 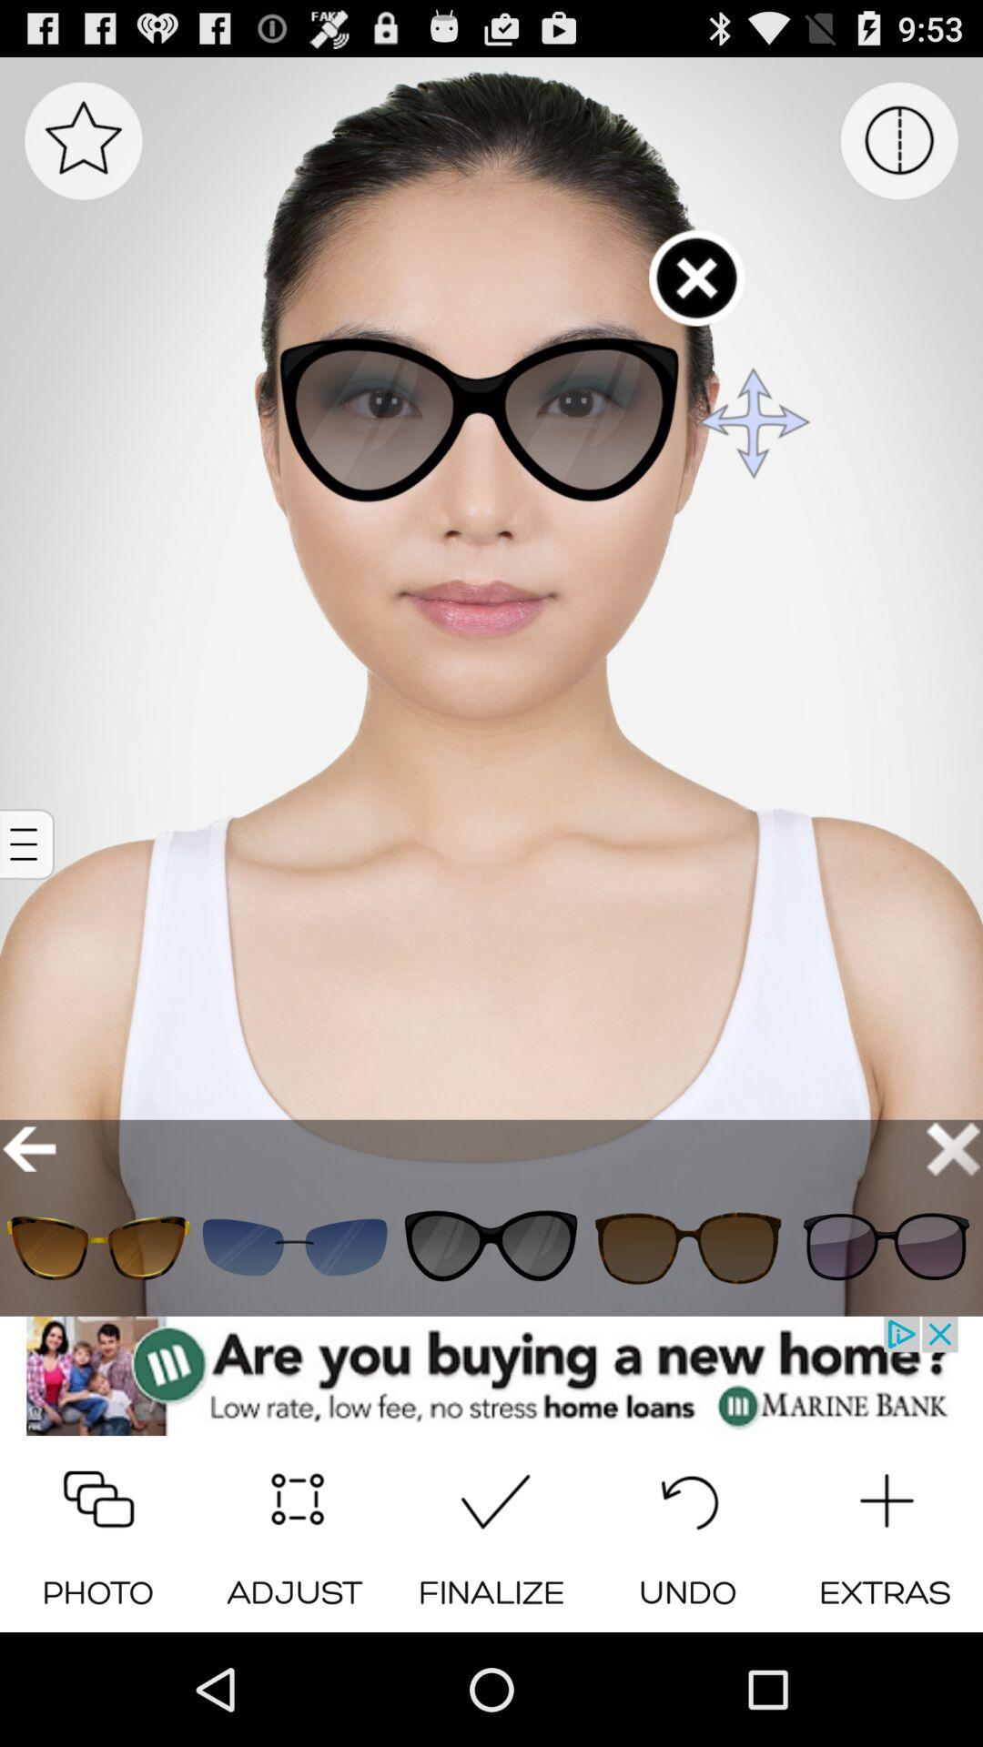 What do you see at coordinates (29, 1147) in the screenshot?
I see `go back` at bounding box center [29, 1147].